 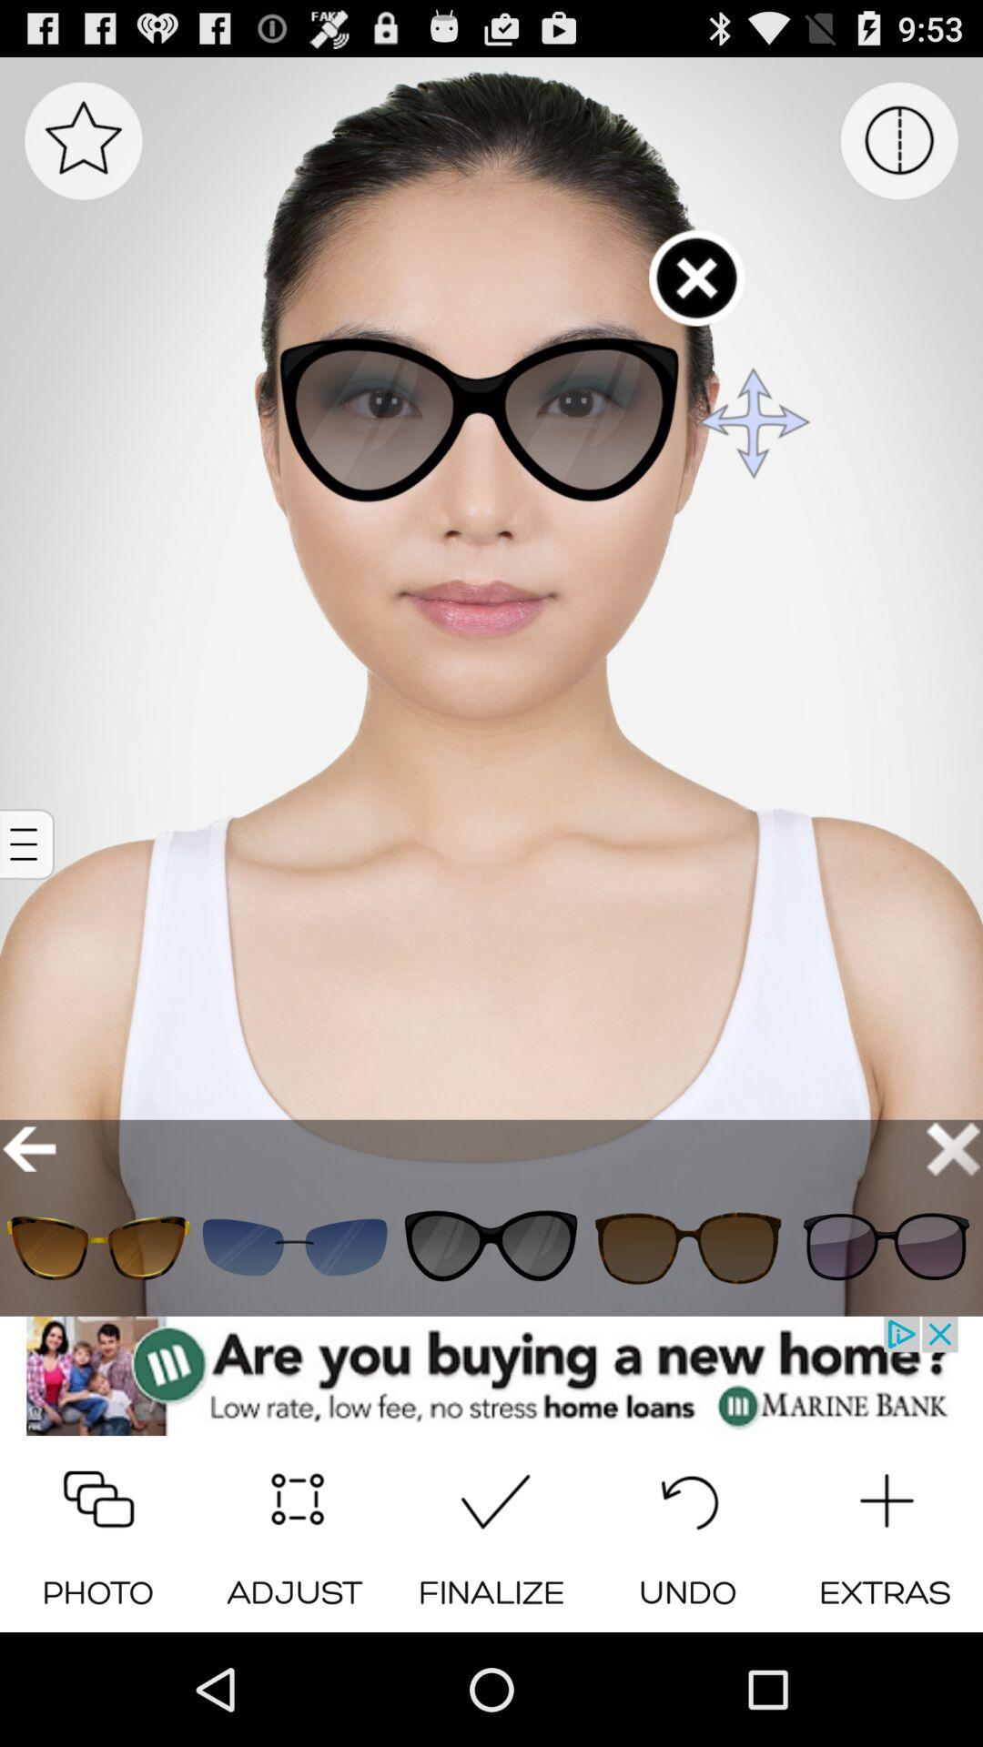 What do you see at coordinates (29, 1147) in the screenshot?
I see `go back` at bounding box center [29, 1147].